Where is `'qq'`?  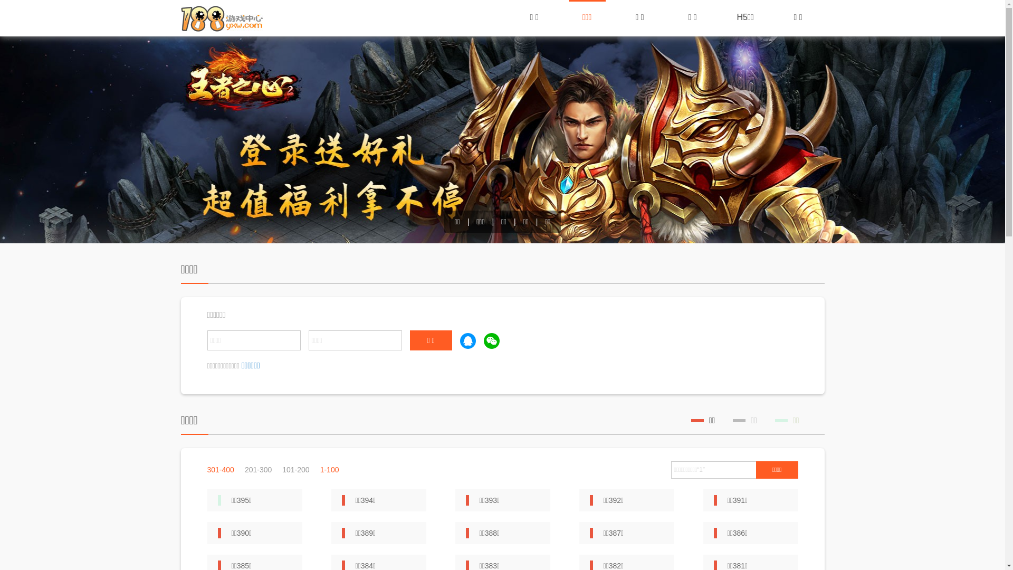
'qq' is located at coordinates (467, 340).